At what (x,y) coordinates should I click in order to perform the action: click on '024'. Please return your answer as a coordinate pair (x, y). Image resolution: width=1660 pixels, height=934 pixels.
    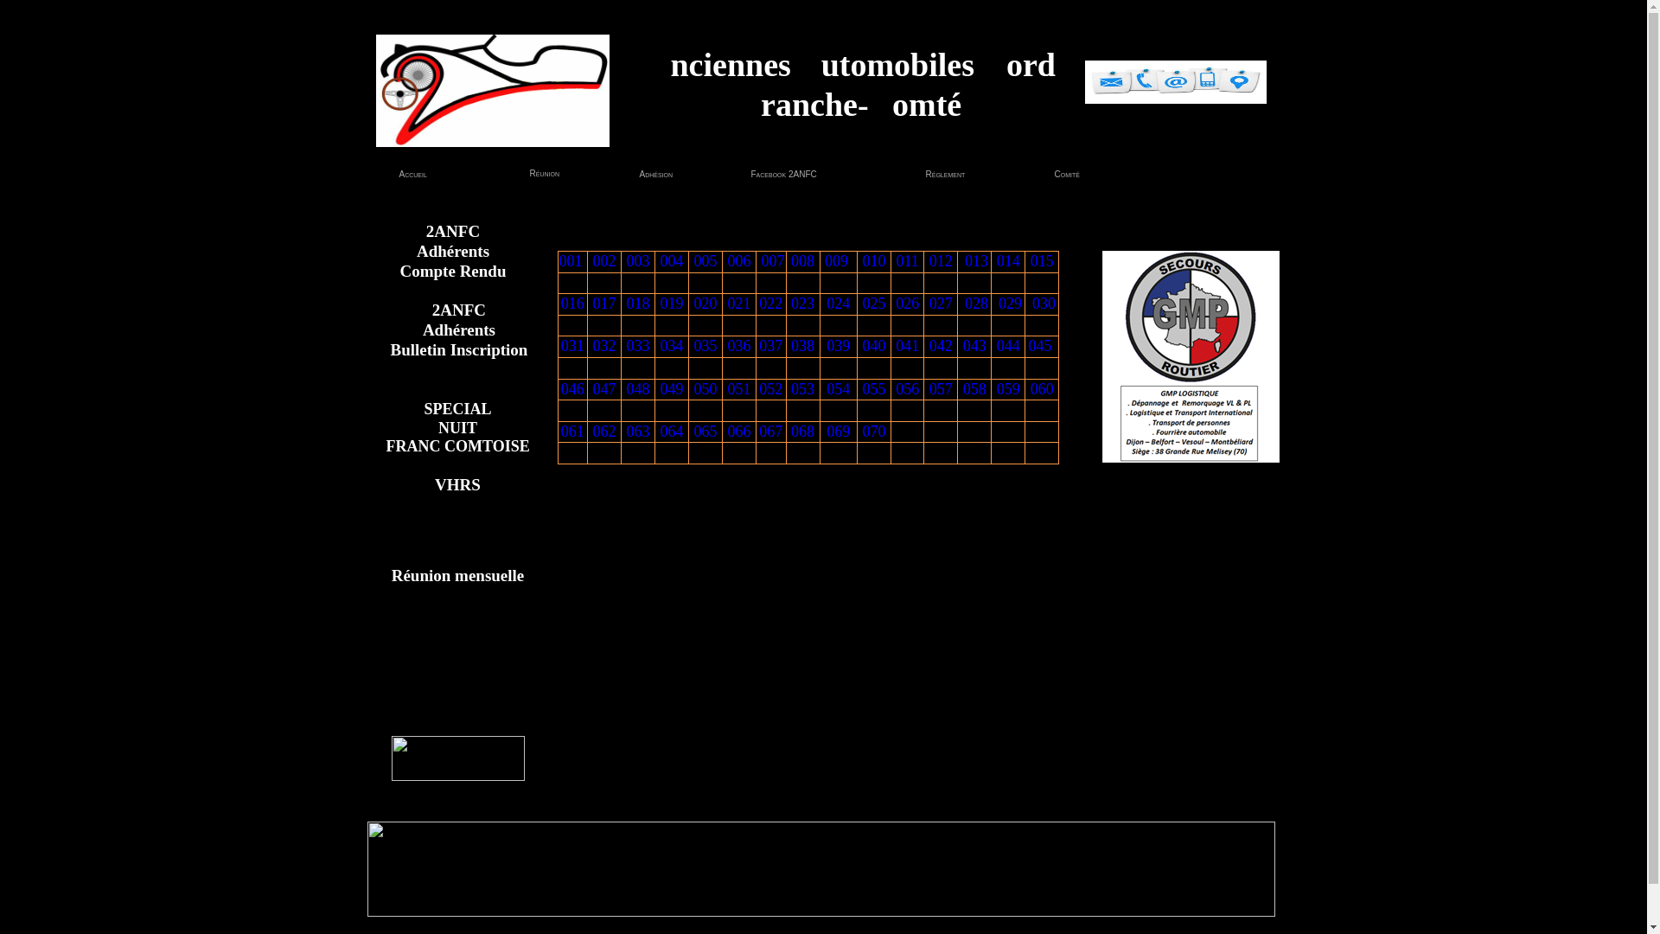
    Looking at the image, I should click on (838, 303).